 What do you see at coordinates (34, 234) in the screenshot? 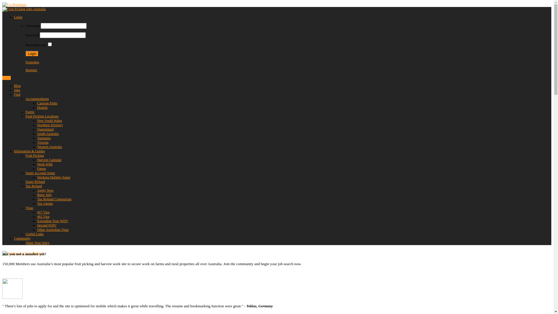
I see `'Useful Links'` at bounding box center [34, 234].